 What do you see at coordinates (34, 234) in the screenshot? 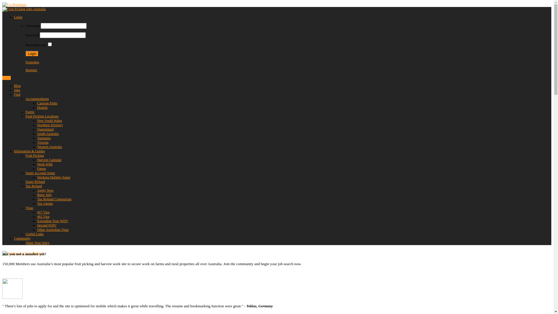
I see `'Useful Links'` at bounding box center [34, 234].